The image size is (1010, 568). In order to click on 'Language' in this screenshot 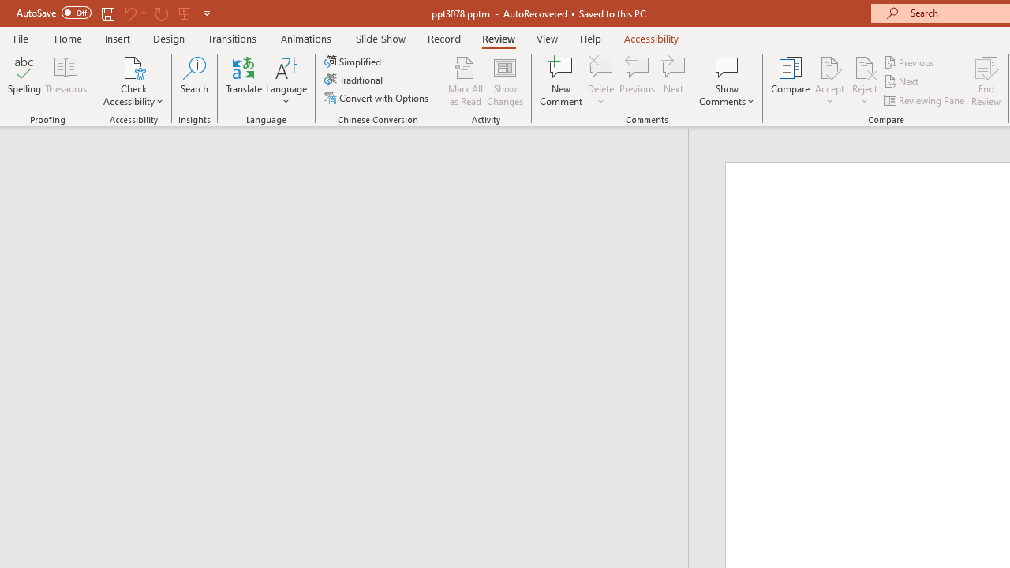, I will do `click(286, 81)`.